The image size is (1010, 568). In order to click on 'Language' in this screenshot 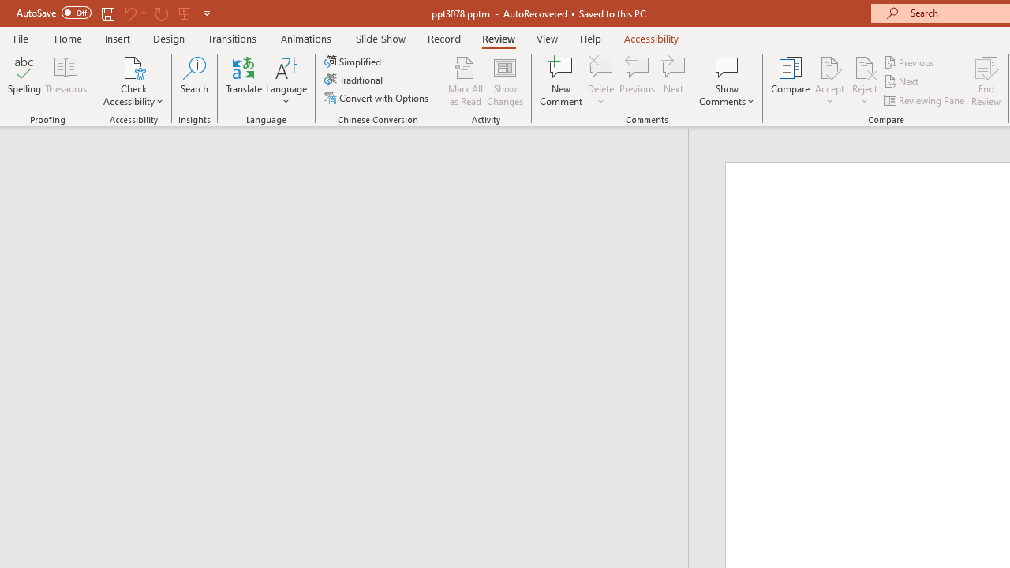, I will do `click(286, 81)`.